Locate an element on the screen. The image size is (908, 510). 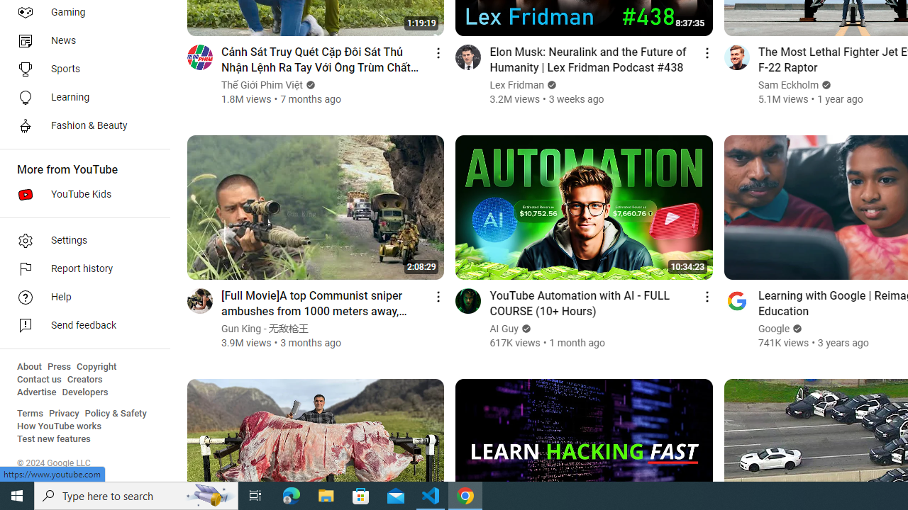
'Developers' is located at coordinates (84, 392).